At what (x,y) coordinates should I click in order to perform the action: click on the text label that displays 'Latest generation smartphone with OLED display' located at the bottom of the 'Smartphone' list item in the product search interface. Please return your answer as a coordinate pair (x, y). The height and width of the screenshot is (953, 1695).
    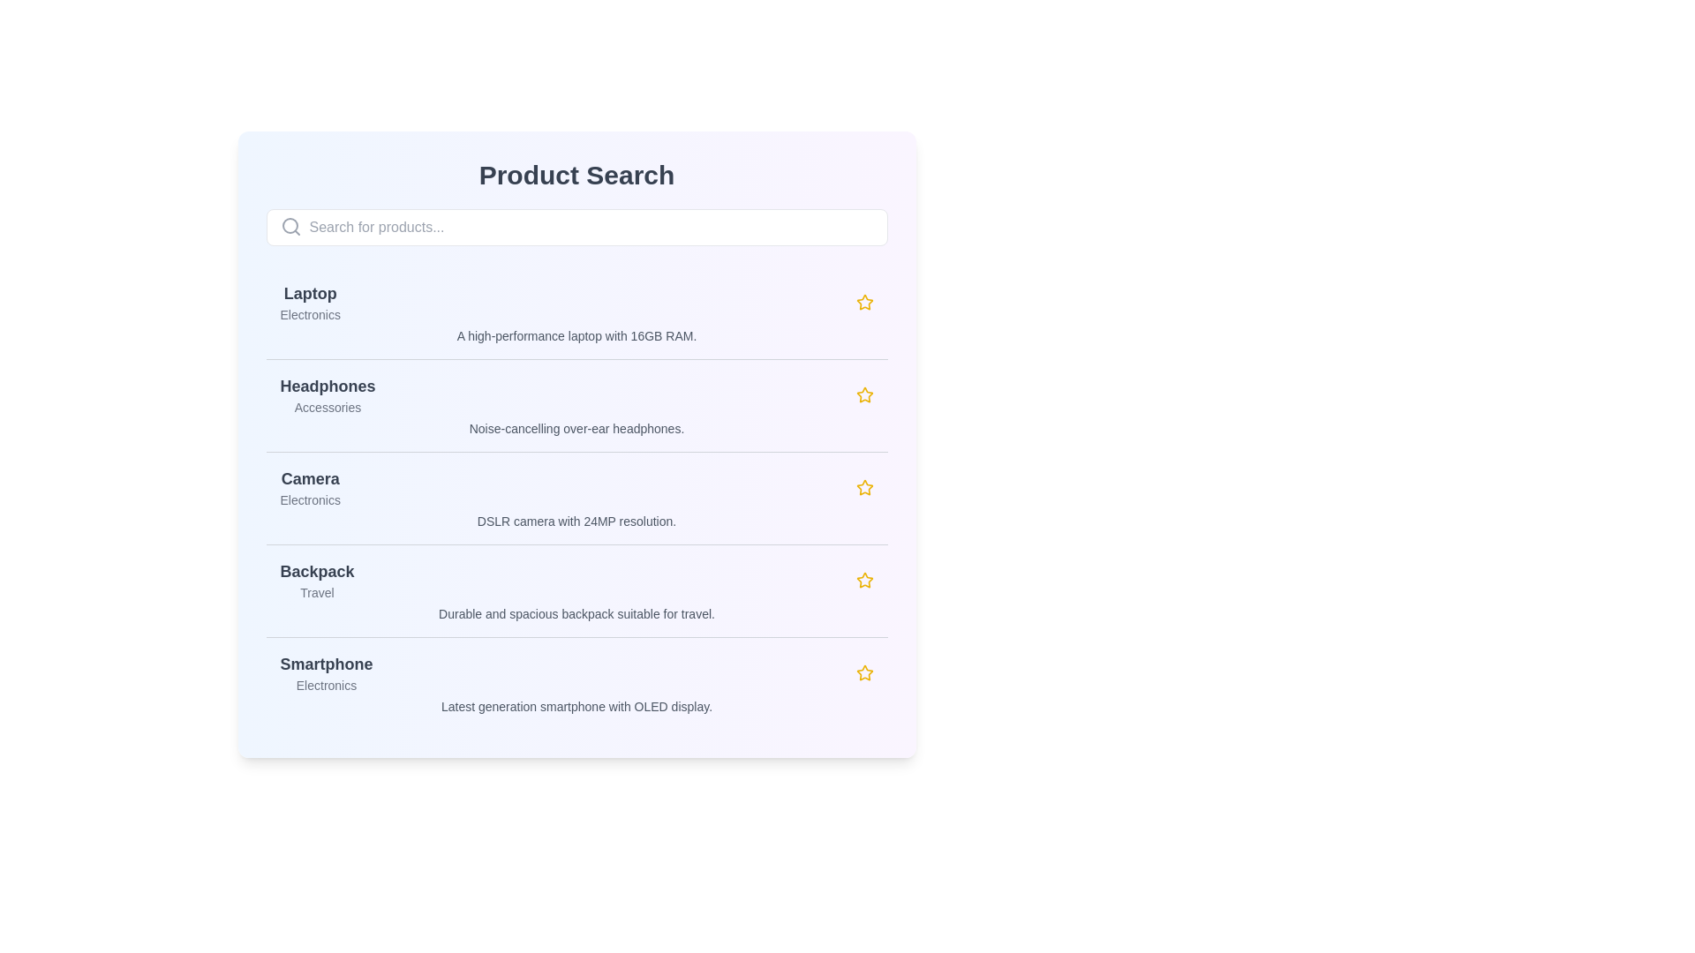
    Looking at the image, I should click on (576, 706).